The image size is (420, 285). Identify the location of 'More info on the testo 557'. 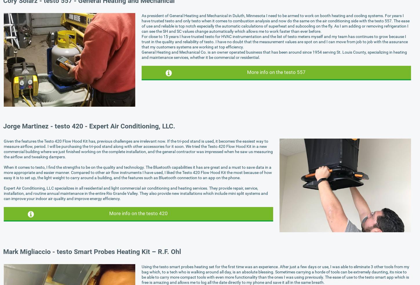
(276, 72).